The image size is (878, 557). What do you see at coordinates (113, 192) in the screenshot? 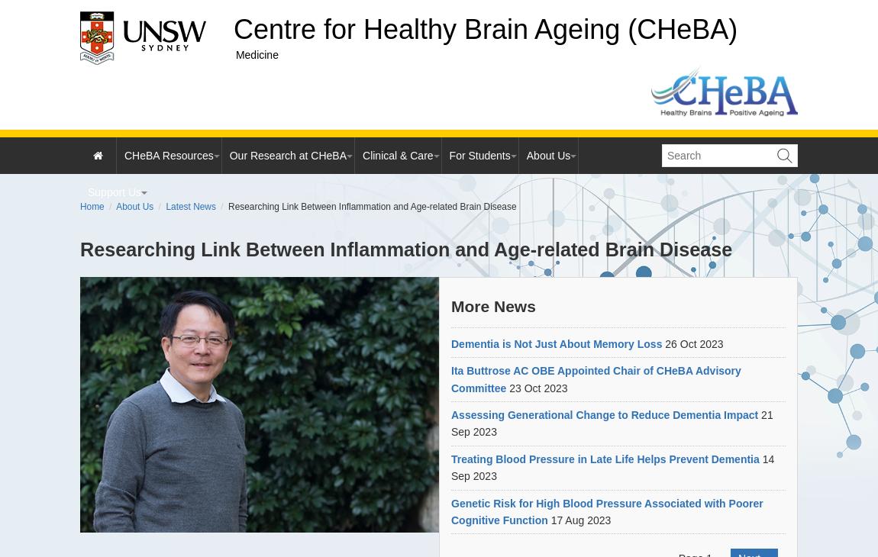
I see `'Support Us'` at bounding box center [113, 192].